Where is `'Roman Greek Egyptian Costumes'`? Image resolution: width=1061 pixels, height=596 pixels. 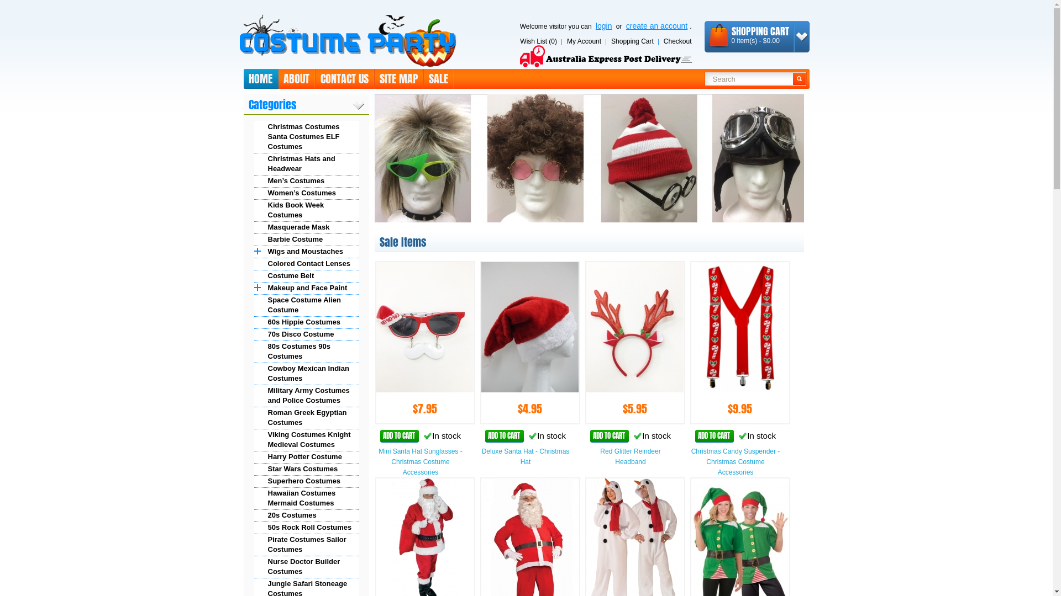 'Roman Greek Egyptian Costumes' is located at coordinates (306, 417).